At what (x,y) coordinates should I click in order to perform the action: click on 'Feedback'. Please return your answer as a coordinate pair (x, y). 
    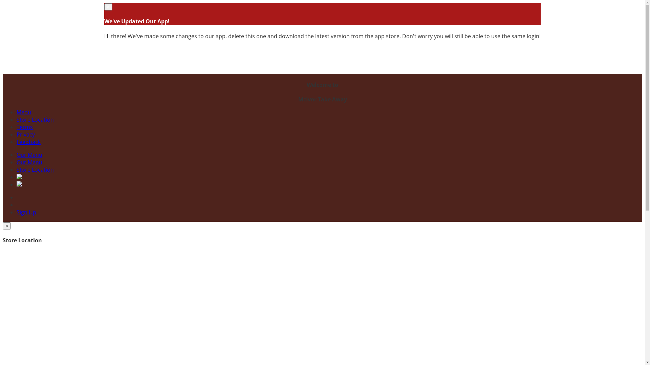
    Looking at the image, I should click on (16, 142).